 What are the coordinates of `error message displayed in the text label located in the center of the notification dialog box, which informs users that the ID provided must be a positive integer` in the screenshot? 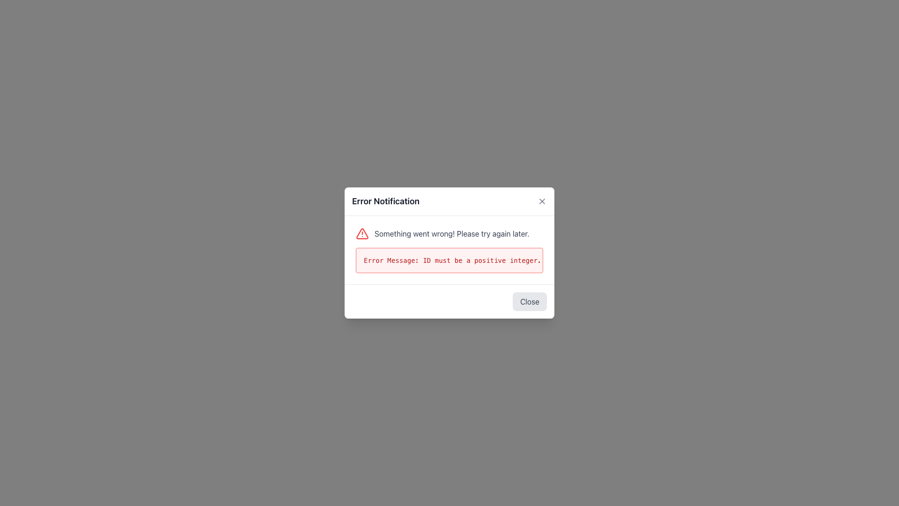 It's located at (449, 260).